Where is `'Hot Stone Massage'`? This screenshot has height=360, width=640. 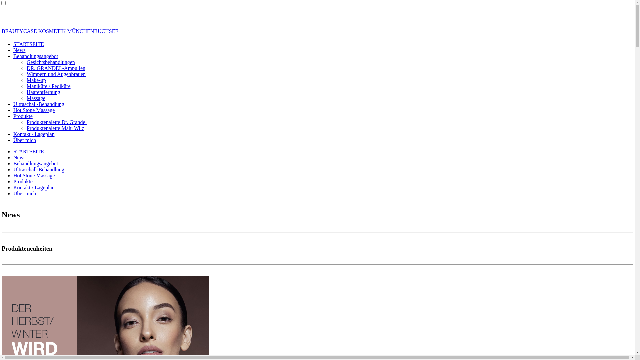
'Hot Stone Massage' is located at coordinates (33, 110).